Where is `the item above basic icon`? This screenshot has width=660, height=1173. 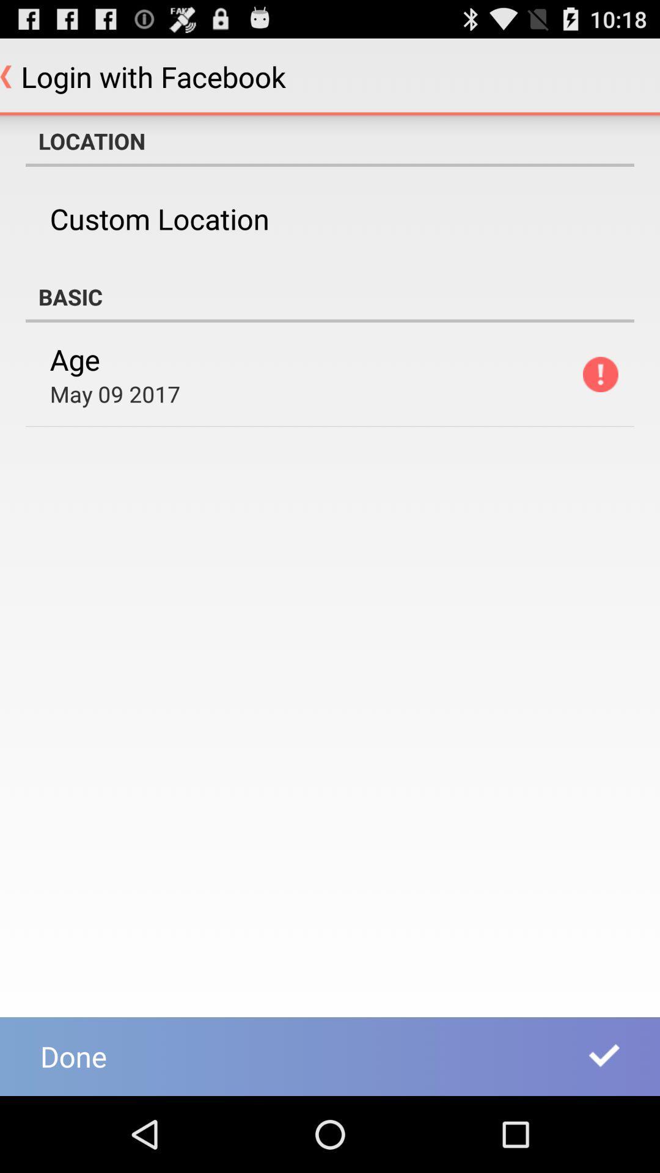 the item above basic icon is located at coordinates (159, 219).